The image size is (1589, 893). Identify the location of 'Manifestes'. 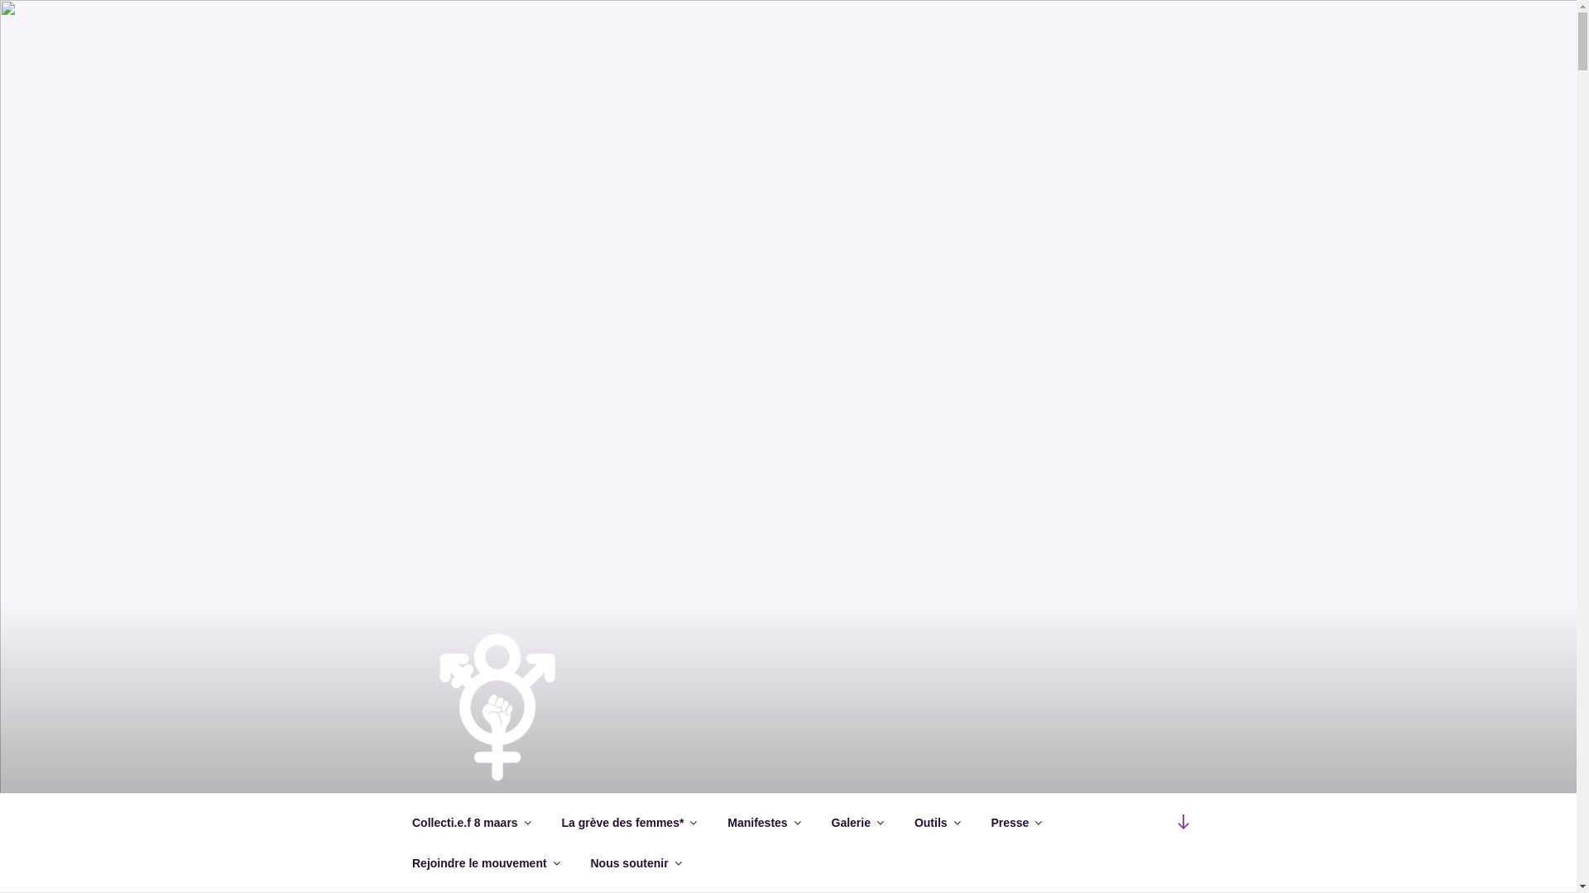
(762, 822).